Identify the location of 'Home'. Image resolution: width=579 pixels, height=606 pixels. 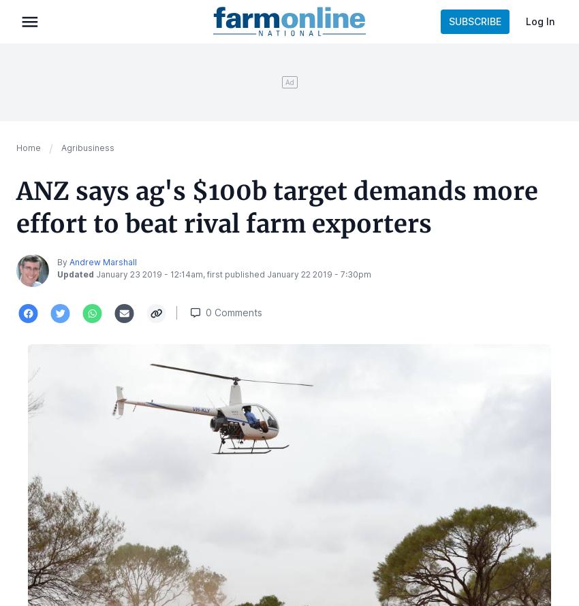
(27, 148).